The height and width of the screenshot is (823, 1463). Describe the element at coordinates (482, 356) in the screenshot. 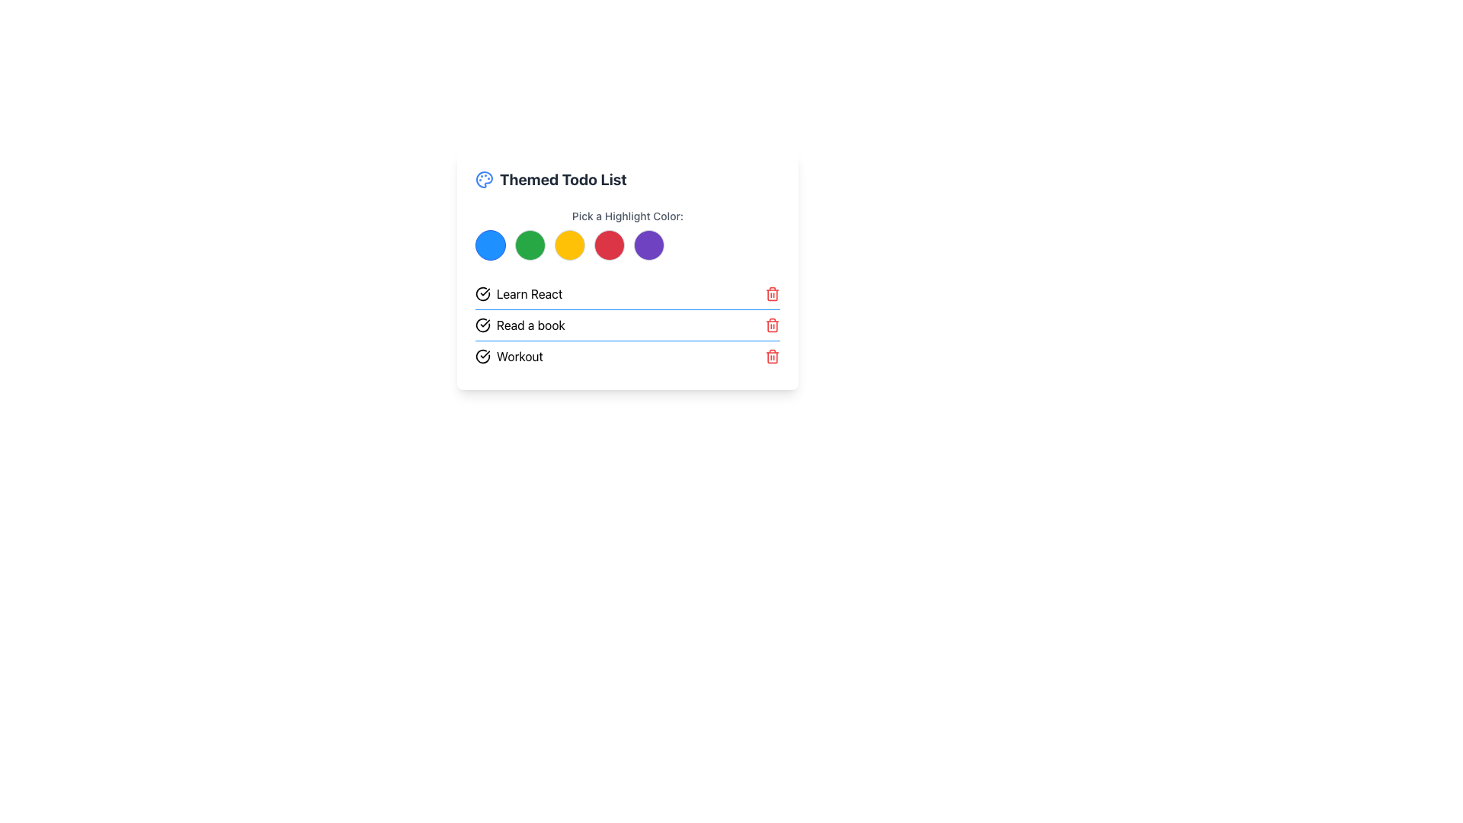

I see `the checkmark icon inside a circle, which is styled in blue and located next to the text 'Workout' in the 'Themed Todo List' card, indicating a completed action` at that location.